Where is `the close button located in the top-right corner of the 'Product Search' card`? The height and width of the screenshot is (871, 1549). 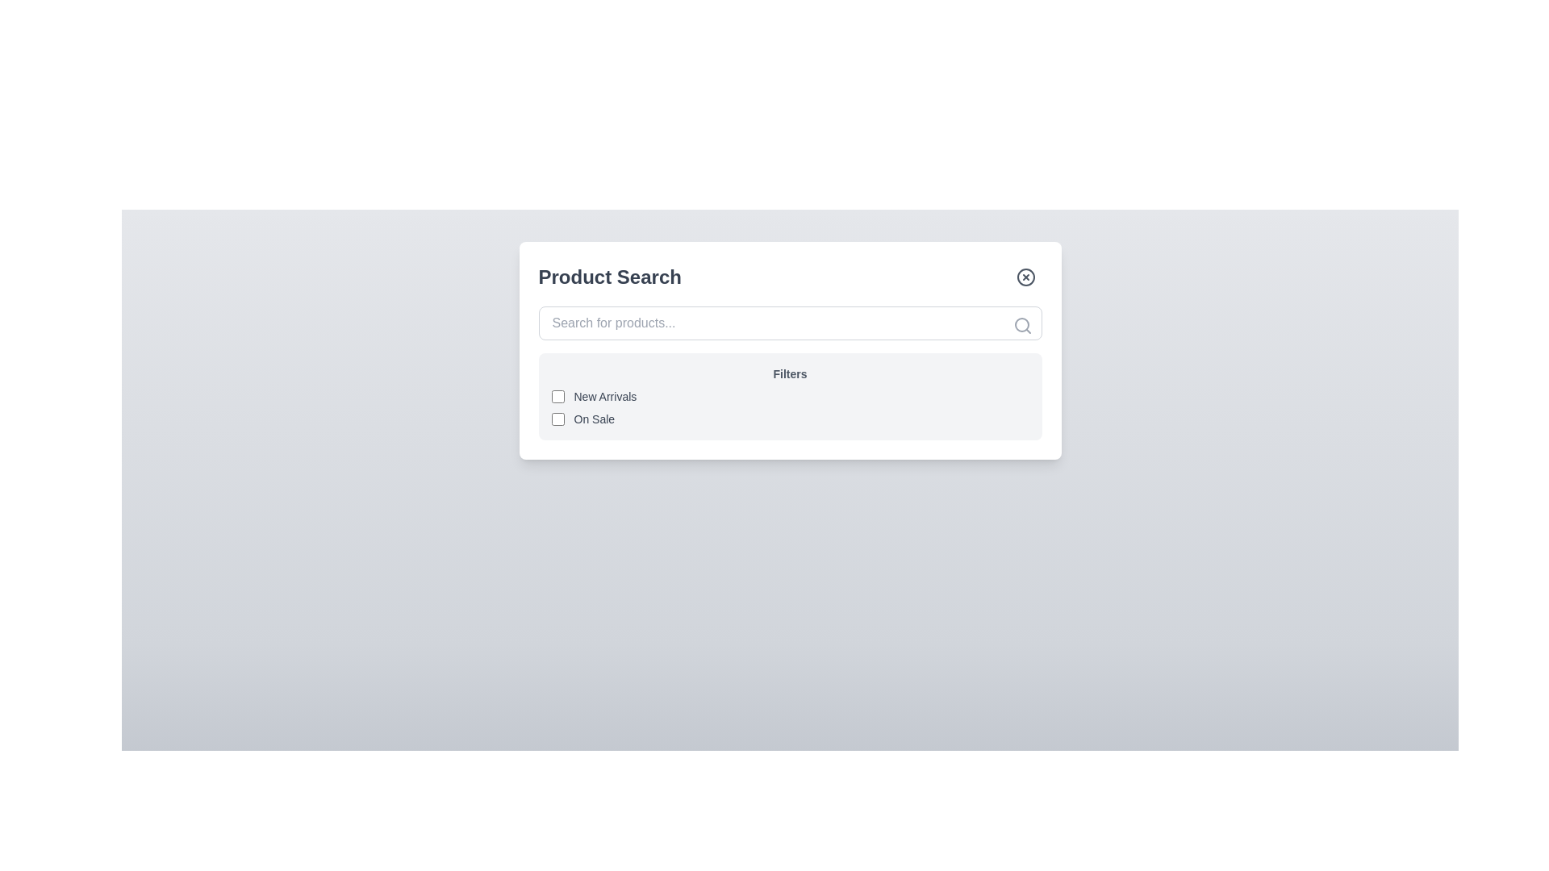
the close button located in the top-right corner of the 'Product Search' card is located at coordinates (1025, 276).